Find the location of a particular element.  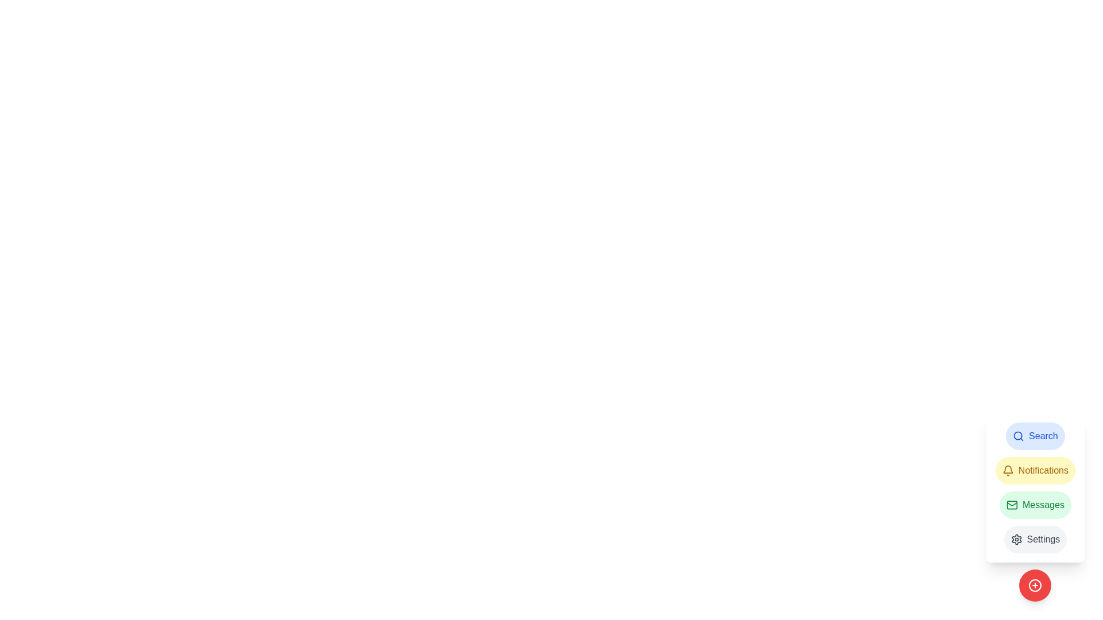

the notifications button, which is the second button in the column of interactive buttons, positioned between the 'Search' button and the 'Messages' button is located at coordinates (1035, 471).